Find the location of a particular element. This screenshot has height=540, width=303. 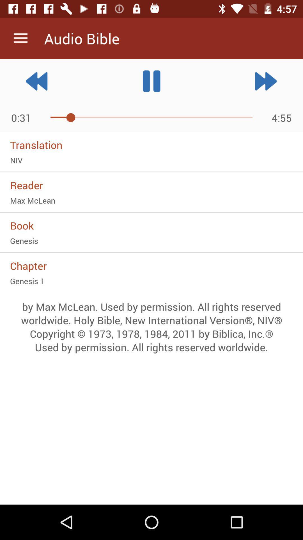

the app to the left of audio bible item is located at coordinates (20, 38).